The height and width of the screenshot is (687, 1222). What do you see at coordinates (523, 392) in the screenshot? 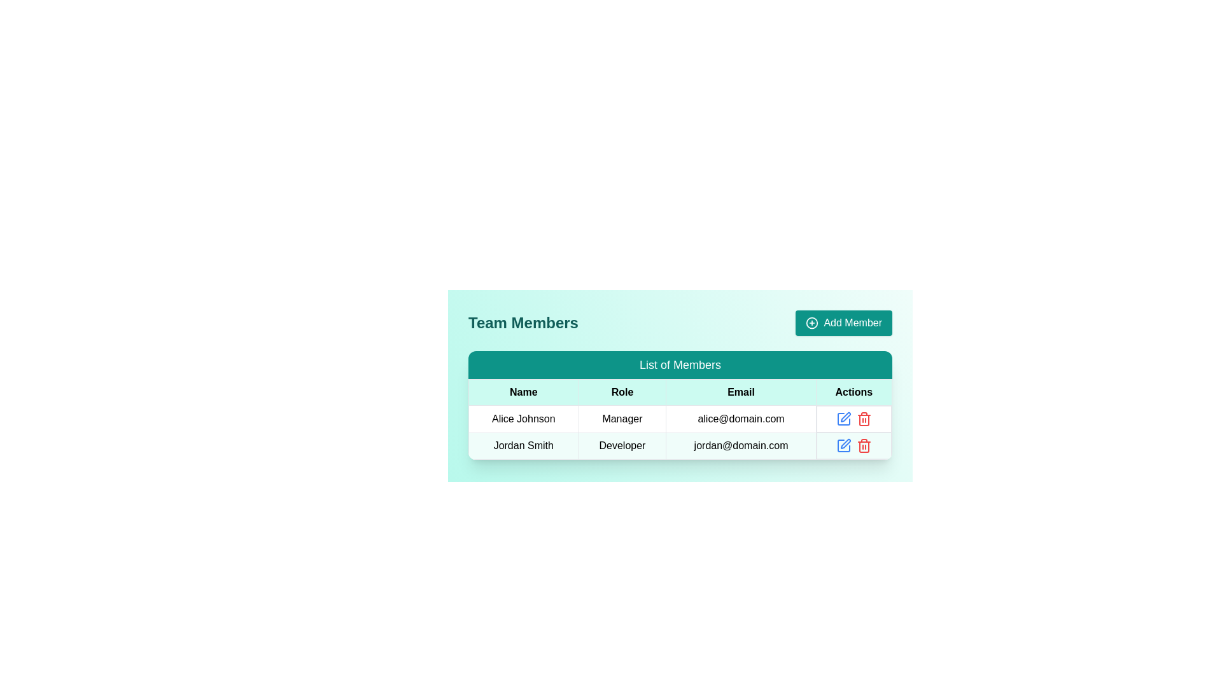
I see `the Header Label element labeled 'Name', which is a rectangular button-like UI component with a light teal background and bold black font, located at the top-left corner of a table-like component` at bounding box center [523, 392].